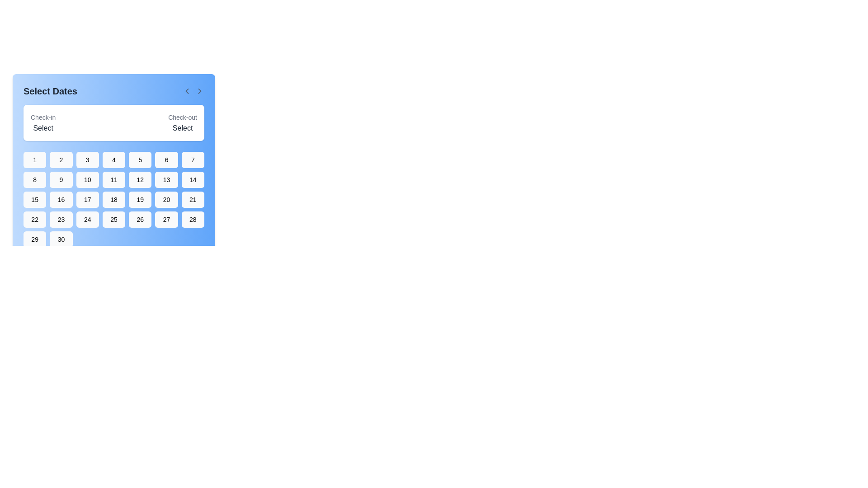 This screenshot has height=488, width=868. Describe the element at coordinates (113, 199) in the screenshot. I see `the number button on the calendar grid` at that location.